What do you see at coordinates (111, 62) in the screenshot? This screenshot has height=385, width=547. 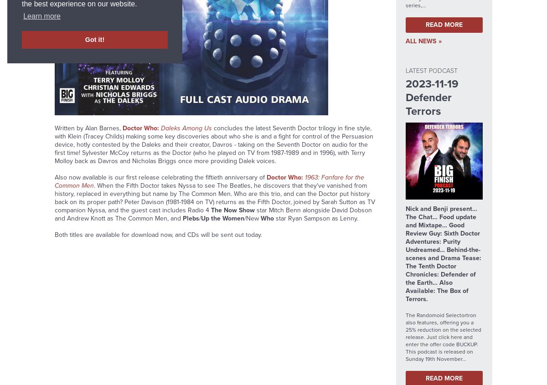 I see `'Doctor Who - The Doctor Chronicles'` at bounding box center [111, 62].